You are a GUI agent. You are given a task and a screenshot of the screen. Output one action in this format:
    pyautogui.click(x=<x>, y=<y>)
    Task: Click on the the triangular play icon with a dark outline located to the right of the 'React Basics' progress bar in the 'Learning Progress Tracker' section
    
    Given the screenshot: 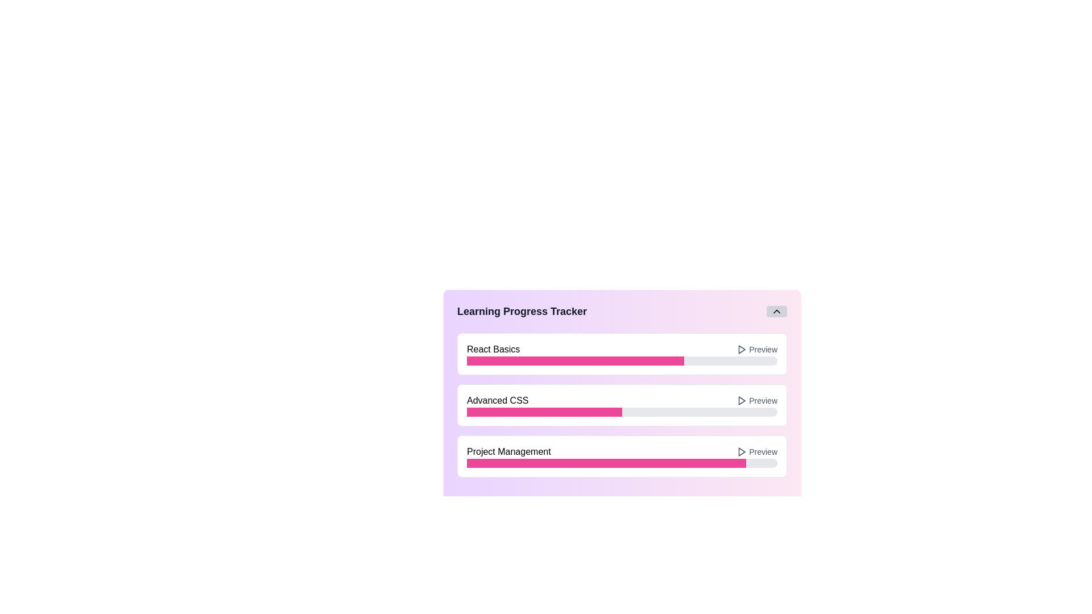 What is the action you would take?
    pyautogui.click(x=742, y=349)
    